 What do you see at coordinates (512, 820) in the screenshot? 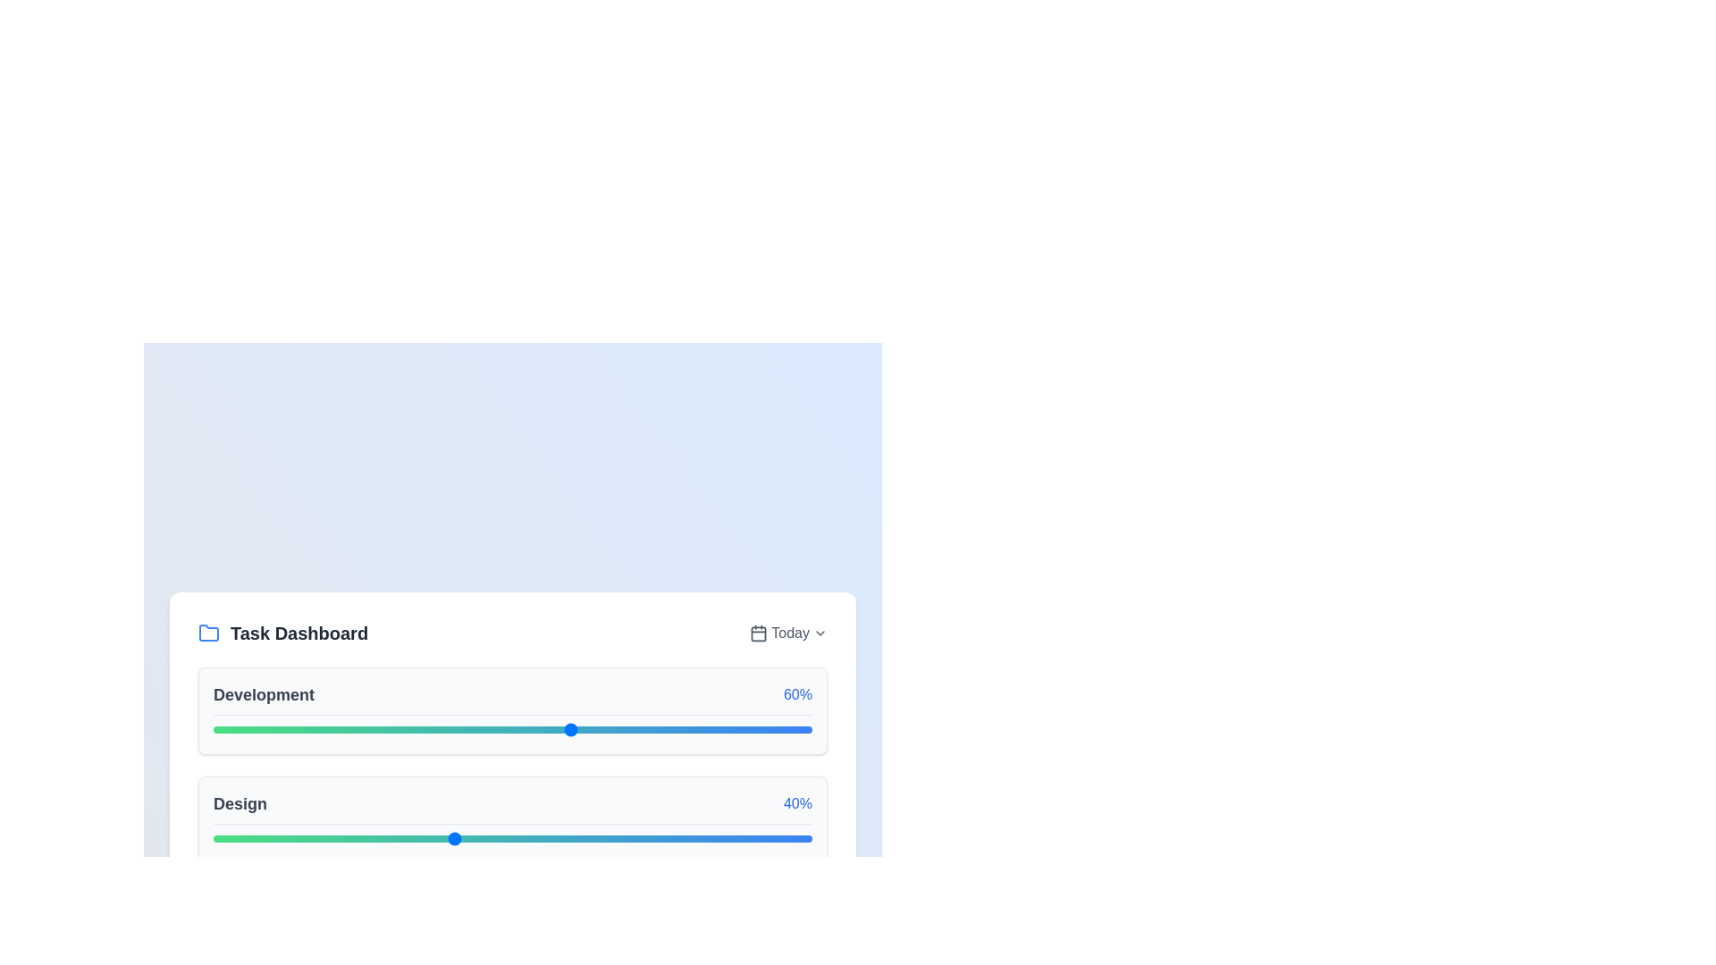
I see `the progress bar displaying 'Design' to focus it for further interaction` at bounding box center [512, 820].